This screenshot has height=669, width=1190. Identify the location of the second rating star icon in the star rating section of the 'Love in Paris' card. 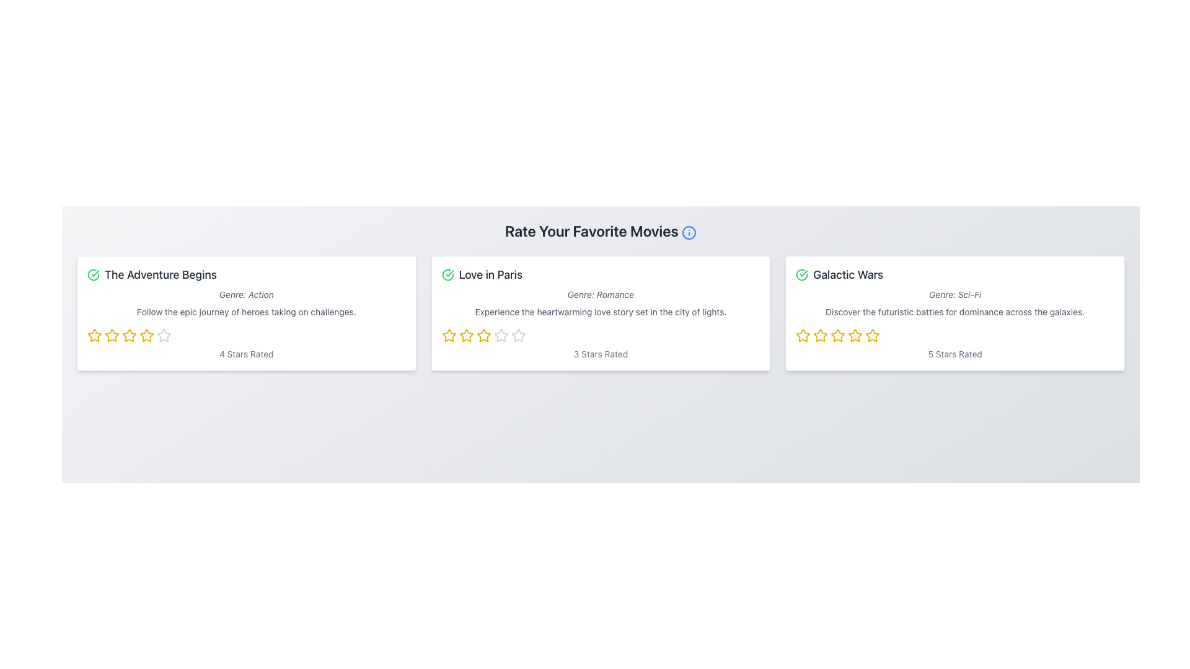
(483, 335).